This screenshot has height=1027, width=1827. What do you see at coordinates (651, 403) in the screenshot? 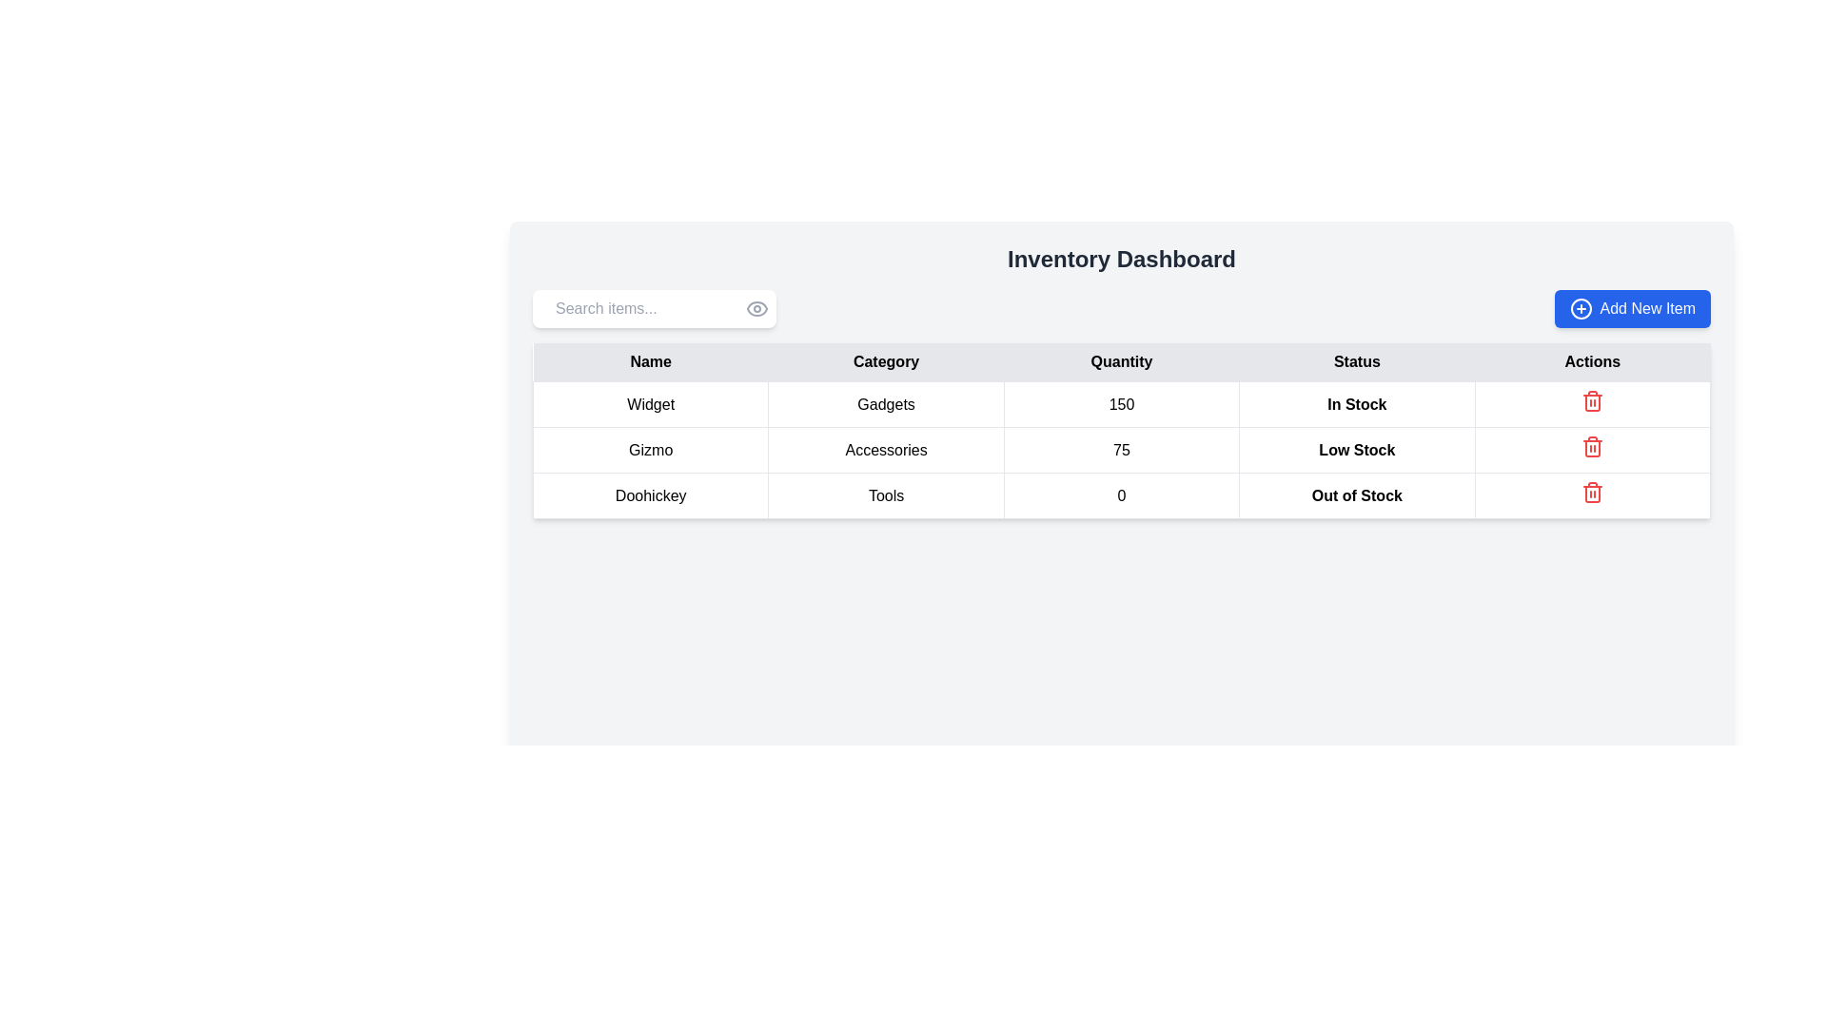
I see `the product name label located in the first column of the first row under the 'Name' heading in the inventory dashboard` at bounding box center [651, 403].